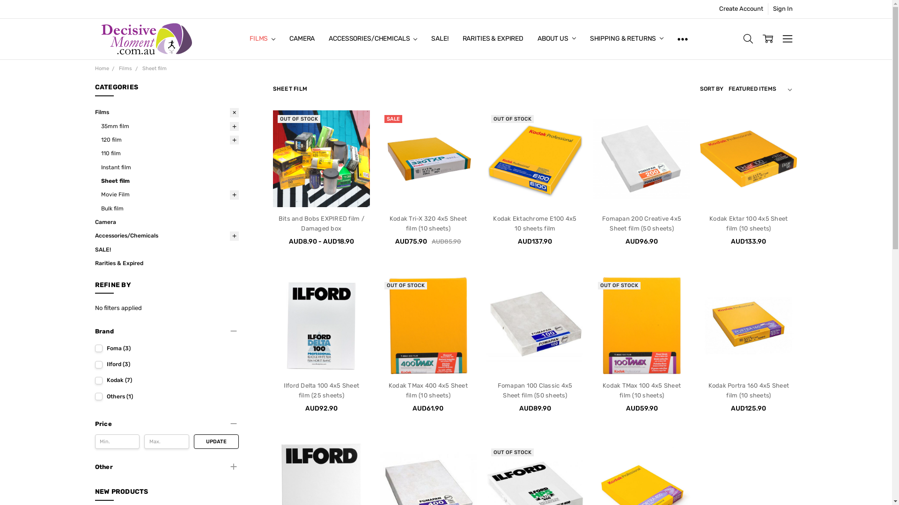 The image size is (899, 505). I want to click on 'Create Account', so click(741, 9).